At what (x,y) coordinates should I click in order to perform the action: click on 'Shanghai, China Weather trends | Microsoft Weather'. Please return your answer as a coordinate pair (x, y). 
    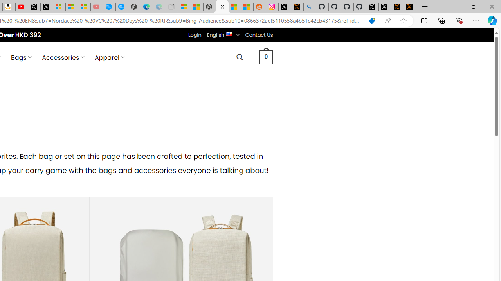
    Looking at the image, I should click on (247, 7).